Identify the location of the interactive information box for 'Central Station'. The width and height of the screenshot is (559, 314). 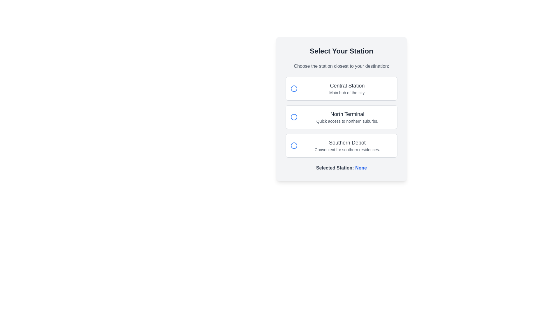
(341, 88).